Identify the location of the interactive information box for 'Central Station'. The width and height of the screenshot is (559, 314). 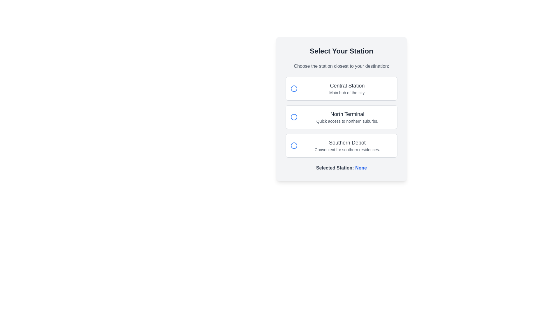
(341, 88).